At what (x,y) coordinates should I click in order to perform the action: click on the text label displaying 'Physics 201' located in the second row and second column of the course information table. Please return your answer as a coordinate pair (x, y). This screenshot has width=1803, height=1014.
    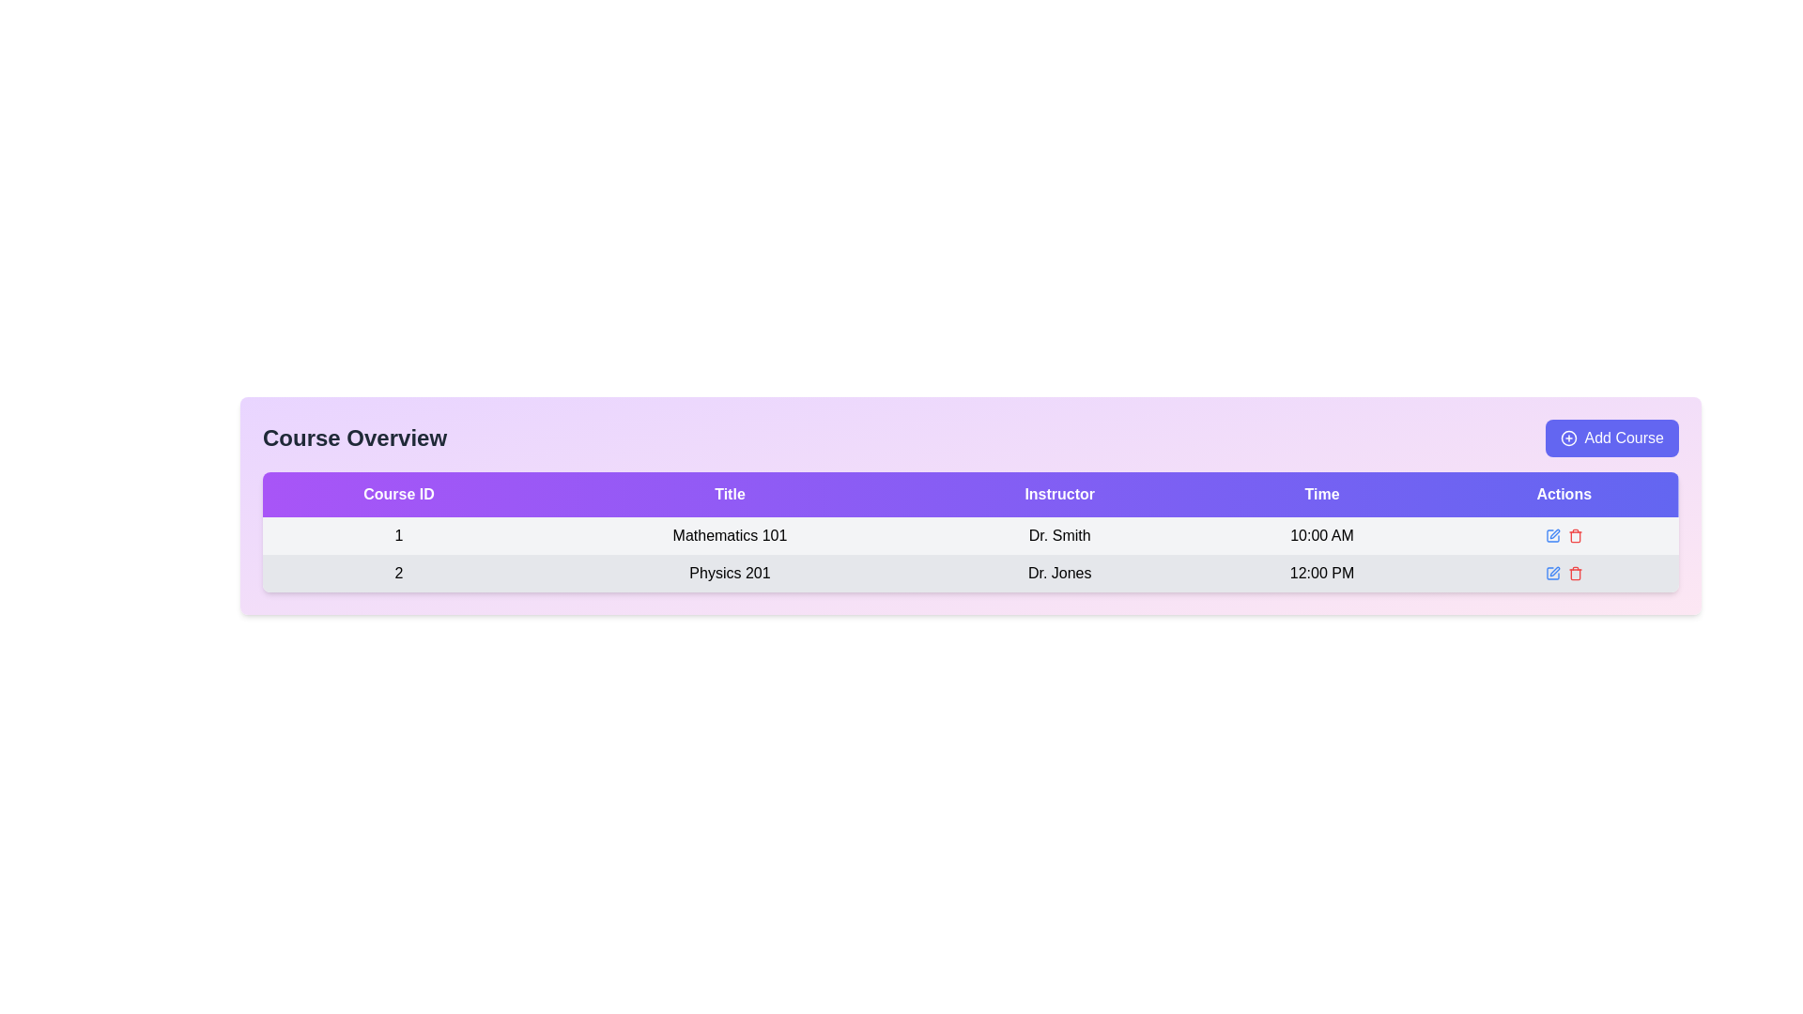
    Looking at the image, I should click on (729, 572).